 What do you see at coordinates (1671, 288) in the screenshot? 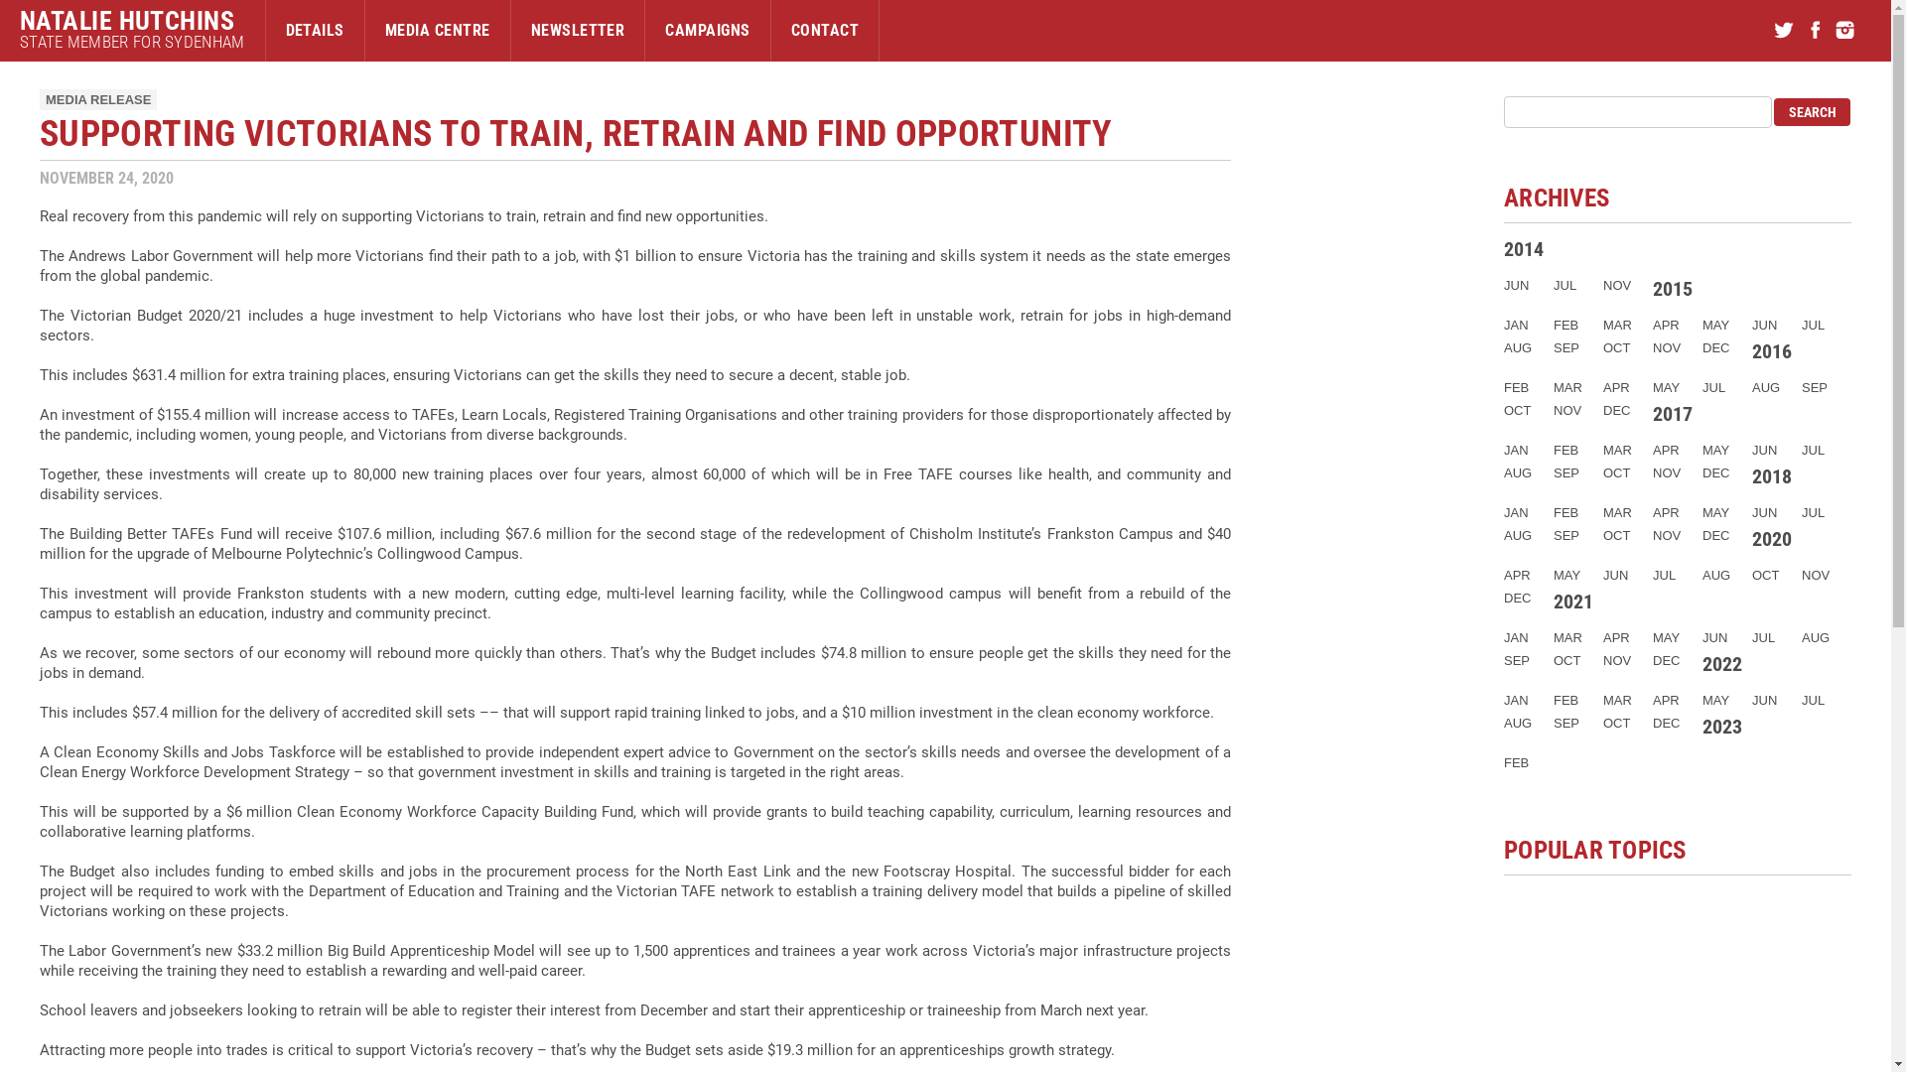
I see `'2015'` at bounding box center [1671, 288].